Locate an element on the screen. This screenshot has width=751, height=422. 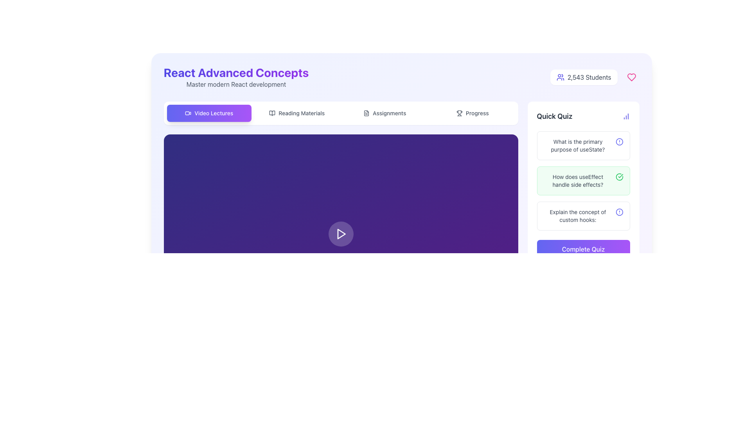
the 'like' or 'favorite' icon located at the top-right of the interface, near the '2,543 Students' label, to interact with it is located at coordinates (631, 77).